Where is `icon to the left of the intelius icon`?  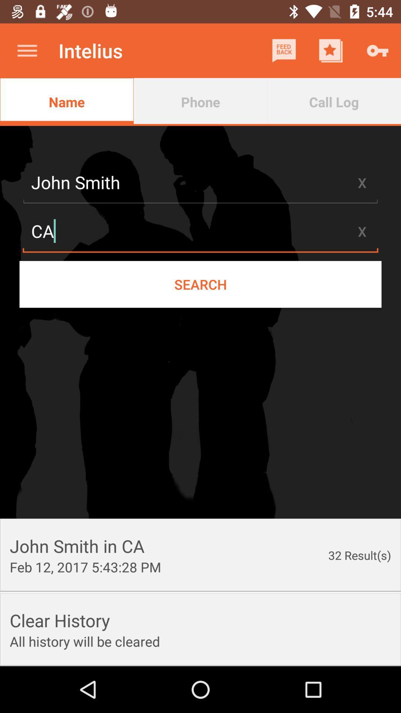
icon to the left of the intelius icon is located at coordinates (27, 50).